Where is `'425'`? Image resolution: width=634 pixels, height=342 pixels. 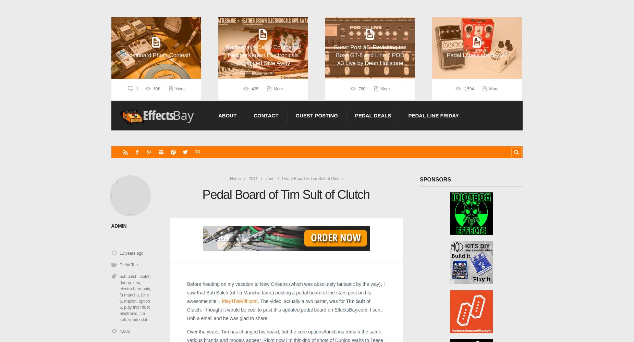 '425' is located at coordinates (255, 89).